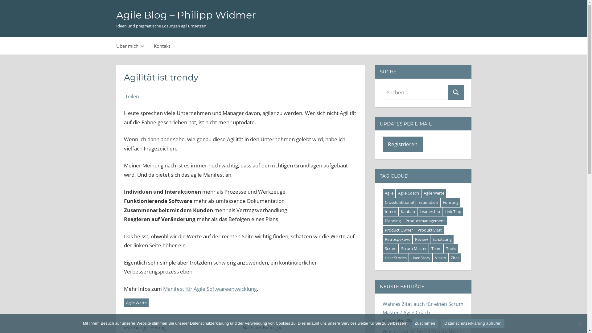  I want to click on 'User Story', so click(420, 258).